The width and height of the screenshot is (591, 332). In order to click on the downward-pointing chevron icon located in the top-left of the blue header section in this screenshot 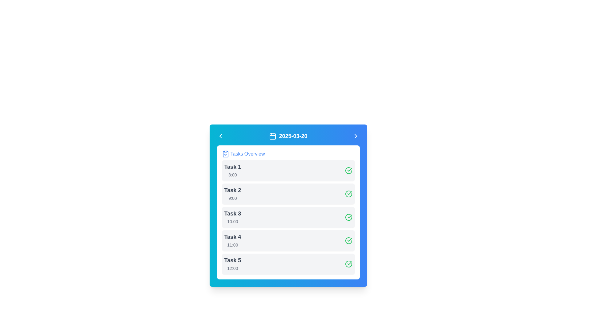, I will do `click(220, 136)`.